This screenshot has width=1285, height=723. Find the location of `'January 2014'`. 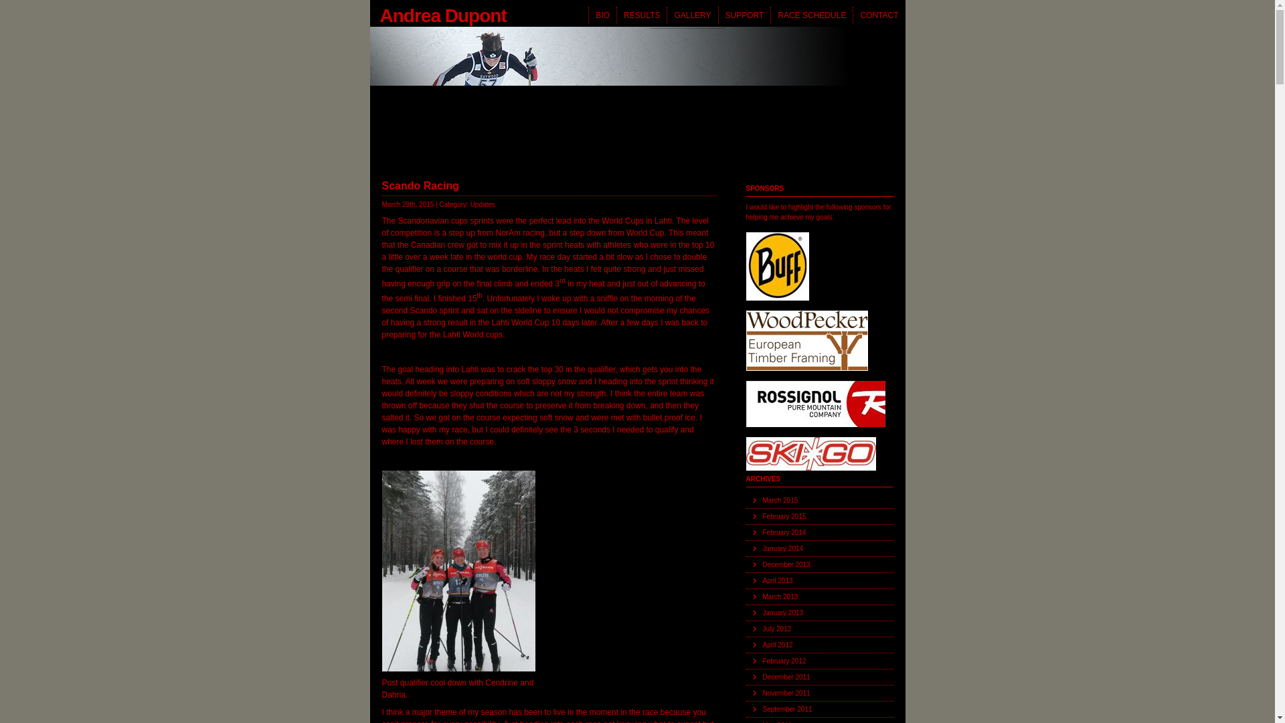

'January 2014' is located at coordinates (819, 549).